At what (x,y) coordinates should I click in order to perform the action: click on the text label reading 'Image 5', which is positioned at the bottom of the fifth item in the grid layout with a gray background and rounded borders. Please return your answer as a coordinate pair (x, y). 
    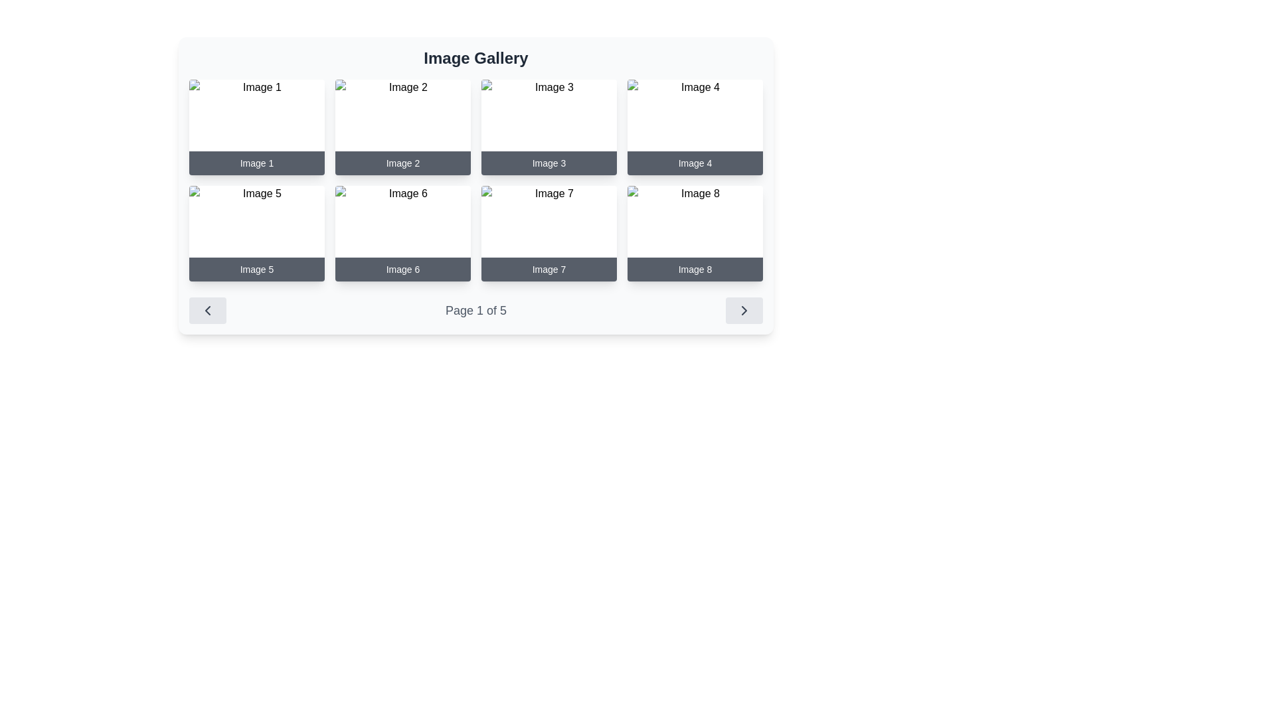
    Looking at the image, I should click on (257, 269).